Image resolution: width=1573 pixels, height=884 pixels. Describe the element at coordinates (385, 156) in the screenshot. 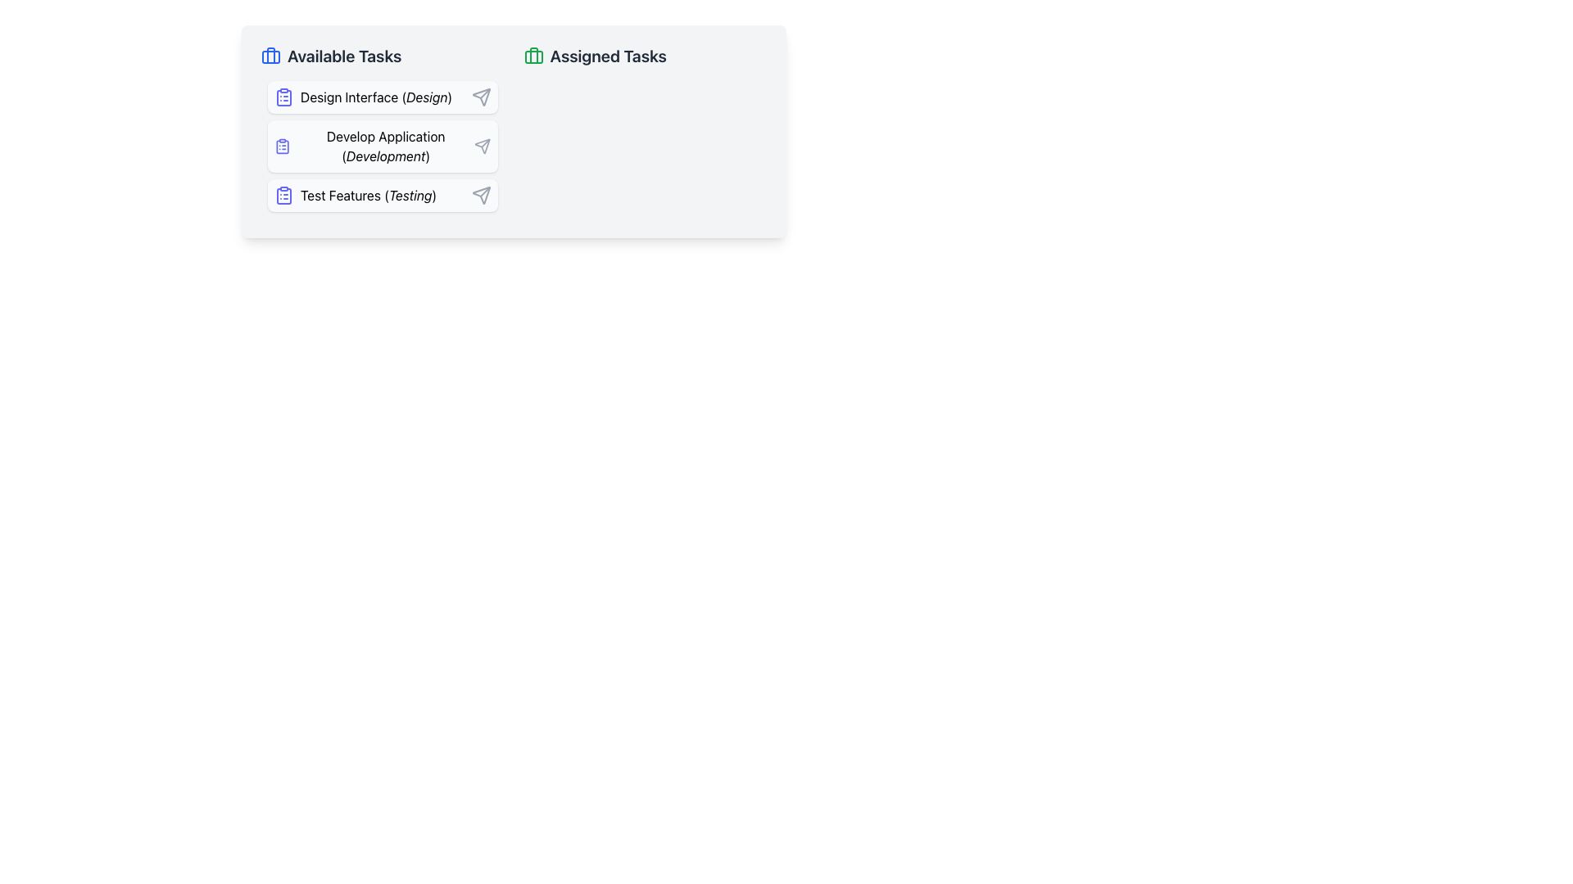

I see `the label displaying the text 'Development', which is styled in a smaller italicized font and located immediately after 'Develop Application' in the task list under 'Available Tasks'` at that location.